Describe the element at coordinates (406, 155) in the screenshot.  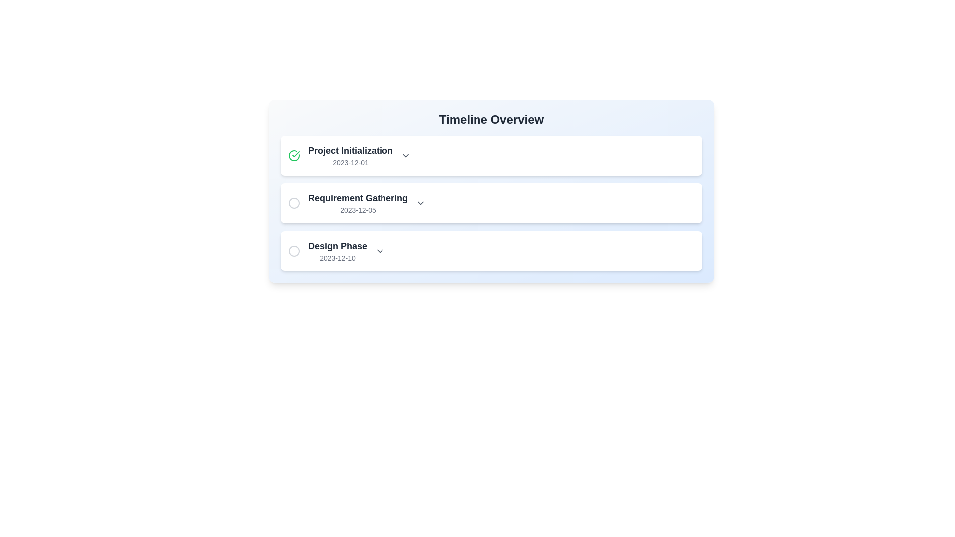
I see `the dropdown control icon located at the far right of the row for the event labeled 'Project Initialization'` at that location.